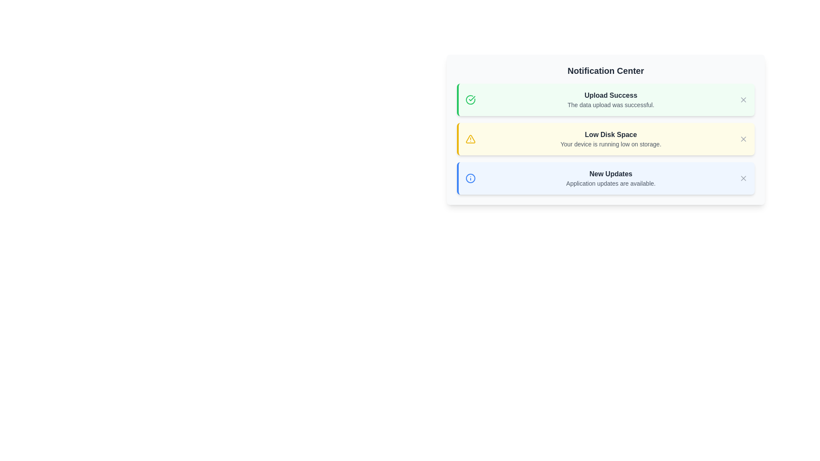 This screenshot has height=461, width=820. What do you see at coordinates (610, 105) in the screenshot?
I see `text of the Text Label displaying 'The data upload was successful.' located in the Notification Center, which appears below the 'Upload Success' heading` at bounding box center [610, 105].